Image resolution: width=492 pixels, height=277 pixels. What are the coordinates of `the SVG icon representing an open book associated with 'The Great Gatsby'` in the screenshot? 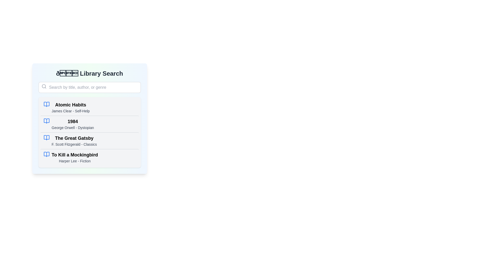 It's located at (46, 137).